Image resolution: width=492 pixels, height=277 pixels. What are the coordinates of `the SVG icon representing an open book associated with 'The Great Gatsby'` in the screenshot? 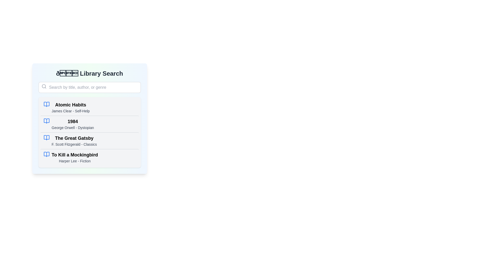 It's located at (46, 137).